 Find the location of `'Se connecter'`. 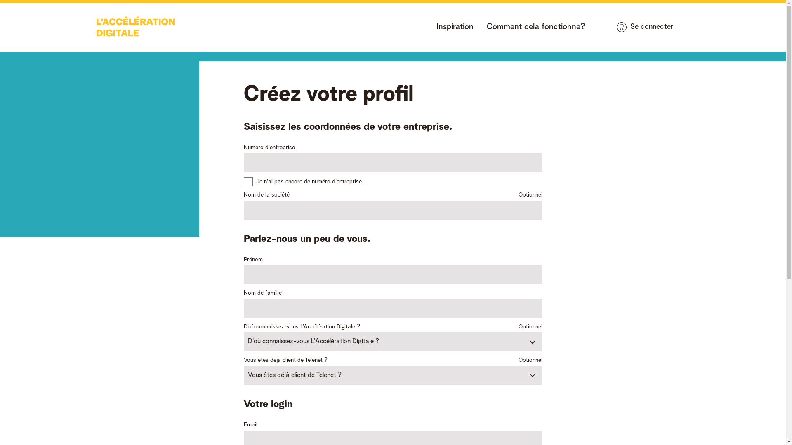

'Se connecter' is located at coordinates (598, 26).